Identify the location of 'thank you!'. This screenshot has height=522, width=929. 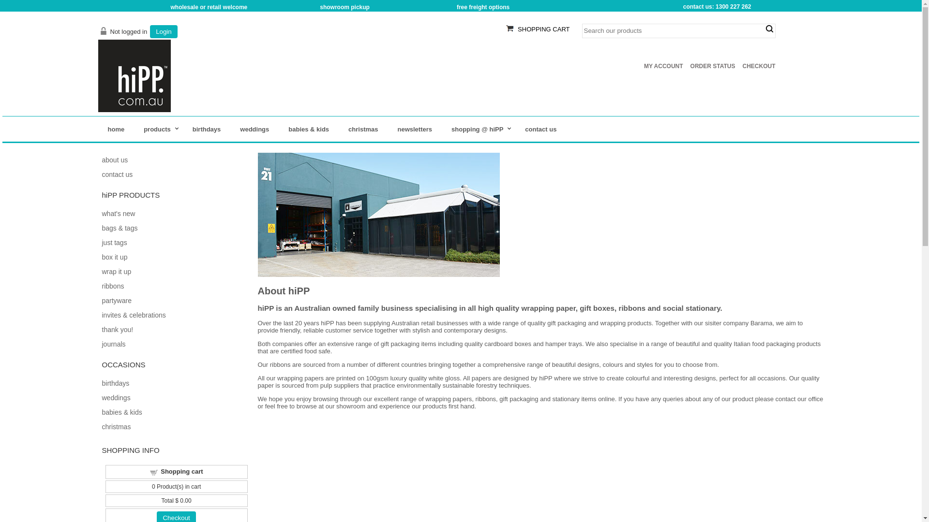
(117, 329).